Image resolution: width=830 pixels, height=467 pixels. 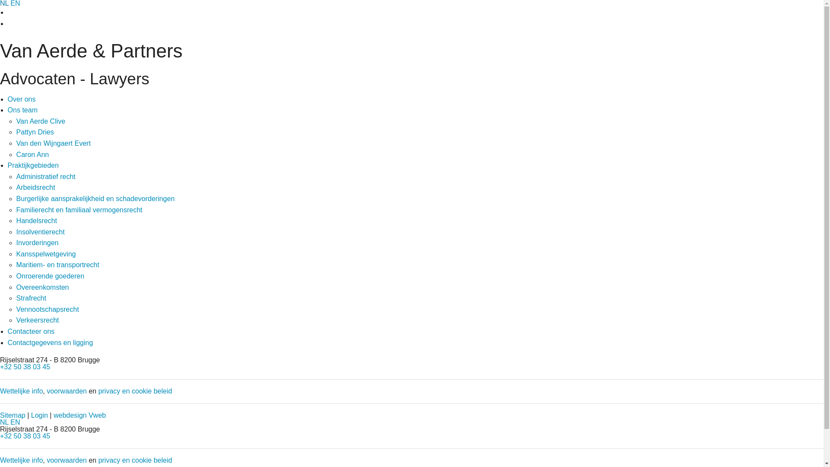 What do you see at coordinates (22, 99) in the screenshot?
I see `'Over ons'` at bounding box center [22, 99].